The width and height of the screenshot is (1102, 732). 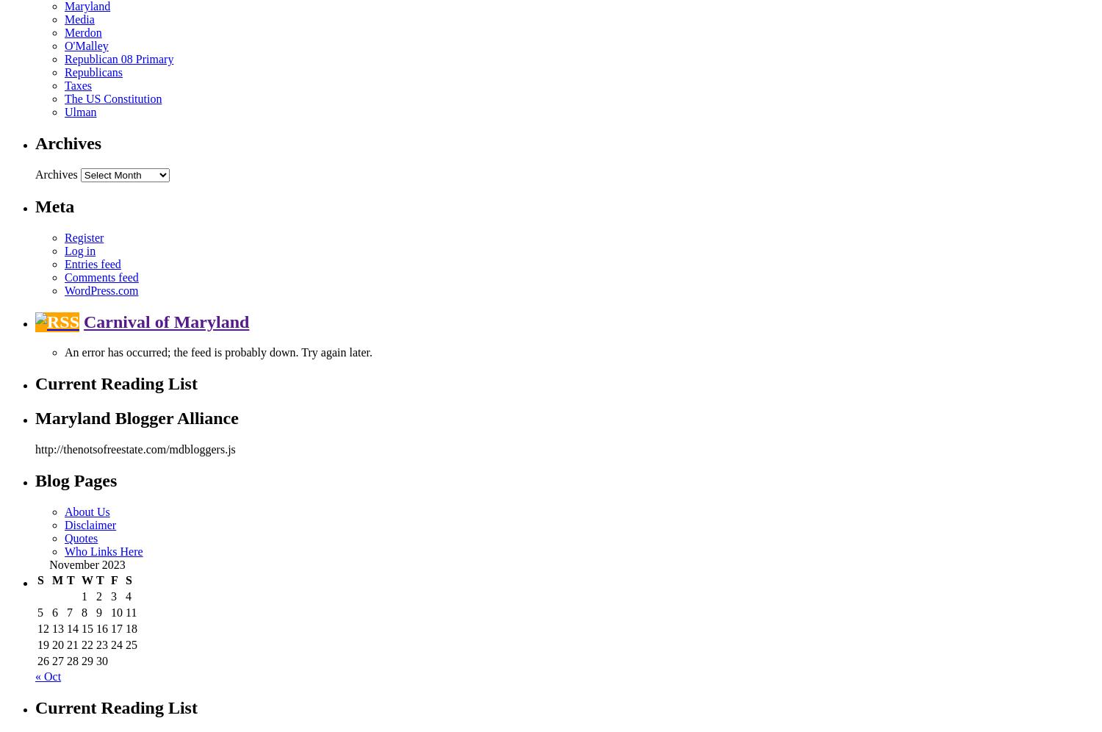 What do you see at coordinates (129, 595) in the screenshot?
I see `'4'` at bounding box center [129, 595].